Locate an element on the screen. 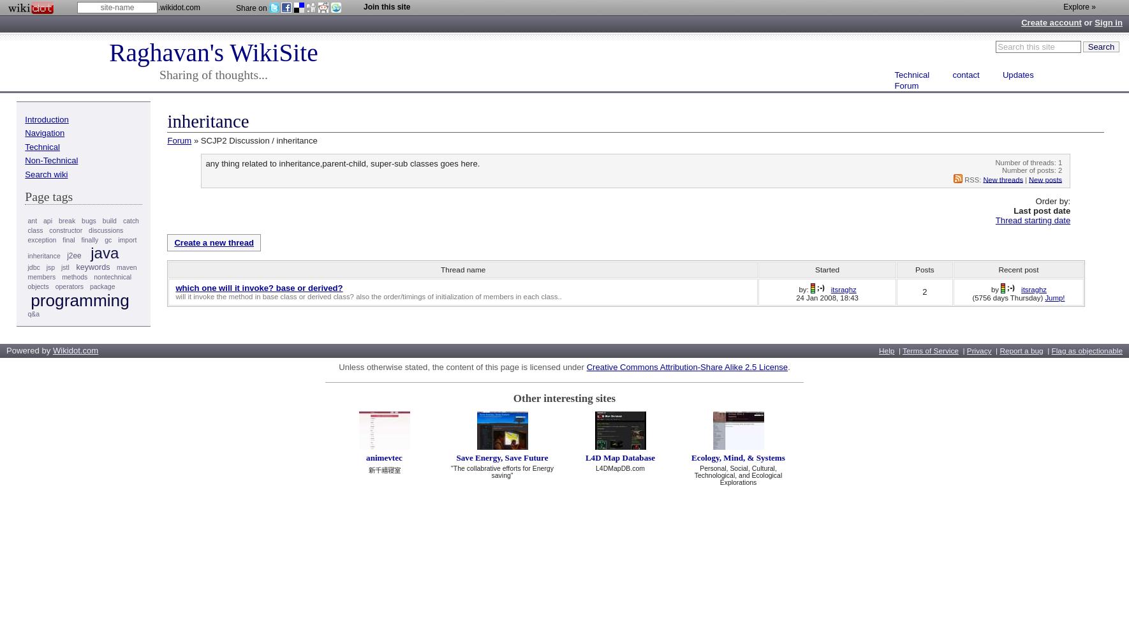 This screenshot has height=638, width=1129. 'final' is located at coordinates (68, 239).